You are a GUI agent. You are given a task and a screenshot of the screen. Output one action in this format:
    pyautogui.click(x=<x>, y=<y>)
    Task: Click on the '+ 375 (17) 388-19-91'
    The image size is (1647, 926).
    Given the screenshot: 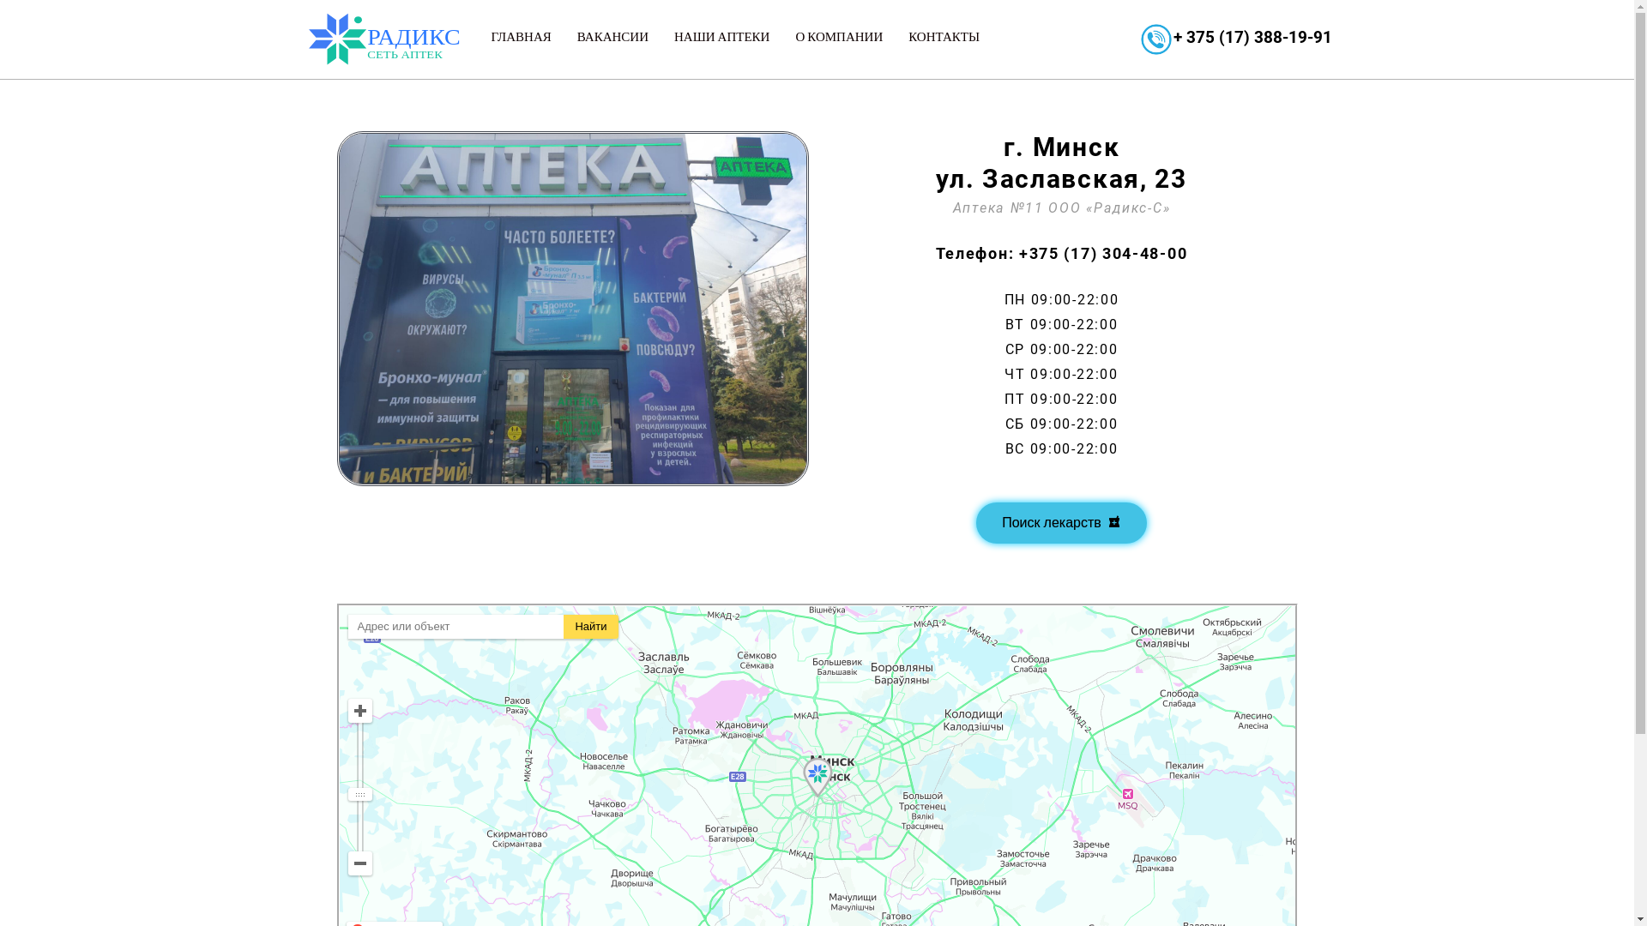 What is the action you would take?
    pyautogui.click(x=1252, y=37)
    